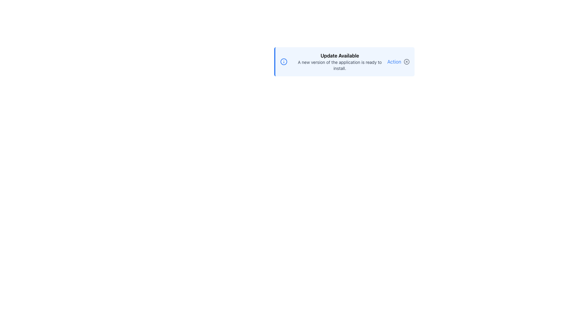  Describe the element at coordinates (407, 62) in the screenshot. I see `the close icon located on the rightmost side of the notification bar` at that location.